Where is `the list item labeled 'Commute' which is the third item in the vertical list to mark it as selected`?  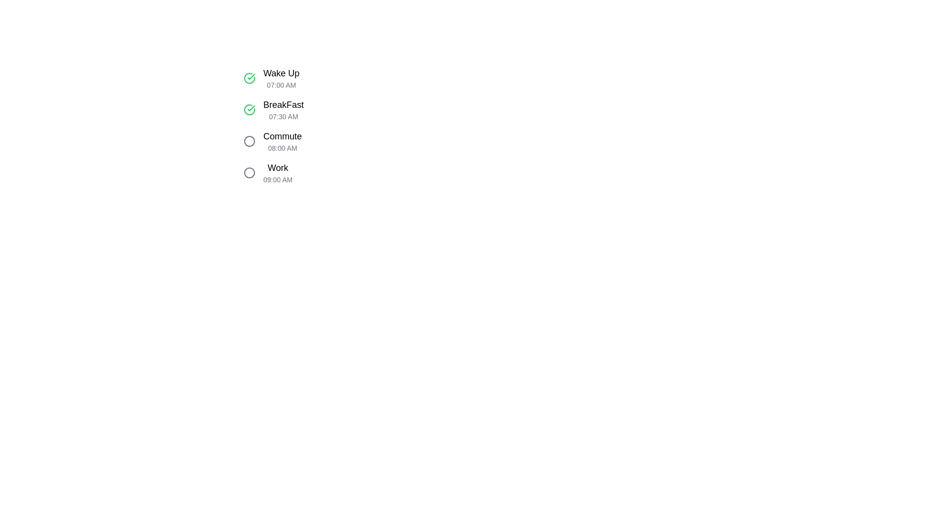 the list item labeled 'Commute' which is the third item in the vertical list to mark it as selected is located at coordinates (338, 141).